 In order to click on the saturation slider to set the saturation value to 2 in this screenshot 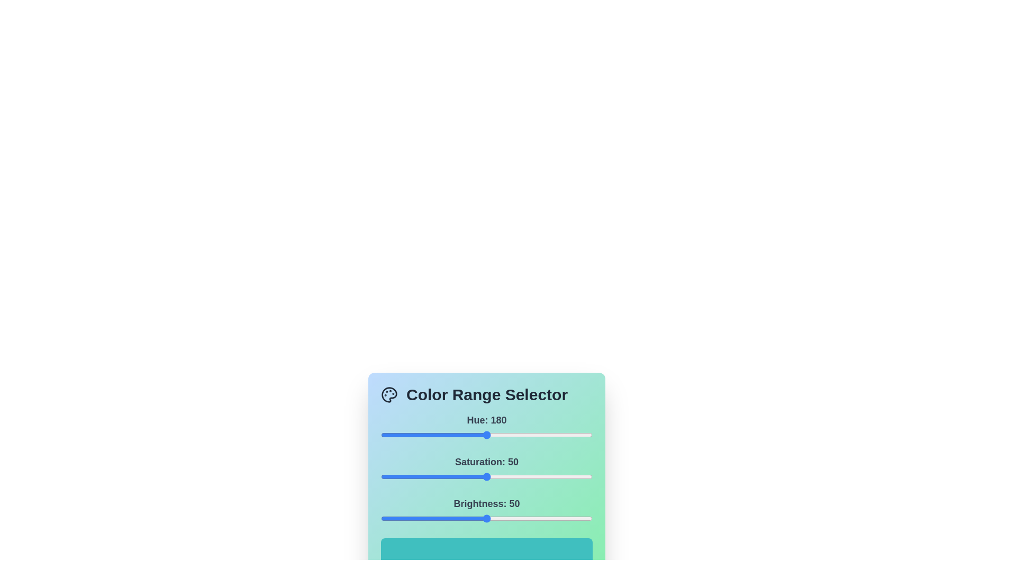, I will do `click(385, 477)`.